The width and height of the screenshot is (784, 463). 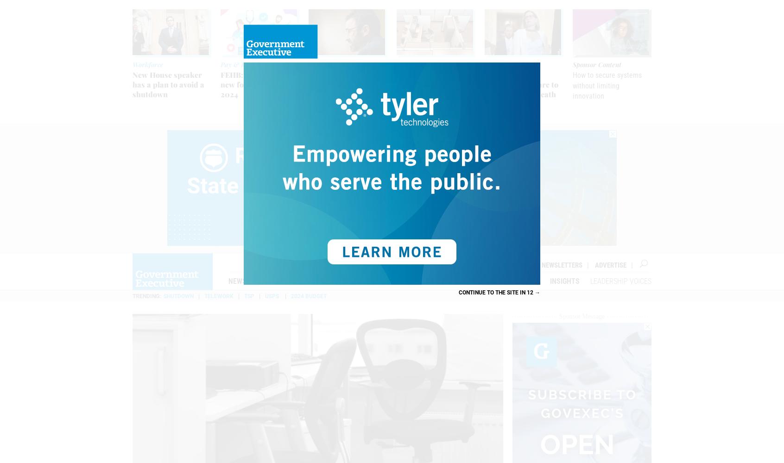 What do you see at coordinates (435, 94) in the screenshot?
I see `'GAO: OMB should set office space benchmarks accounting for telework reality'` at bounding box center [435, 94].